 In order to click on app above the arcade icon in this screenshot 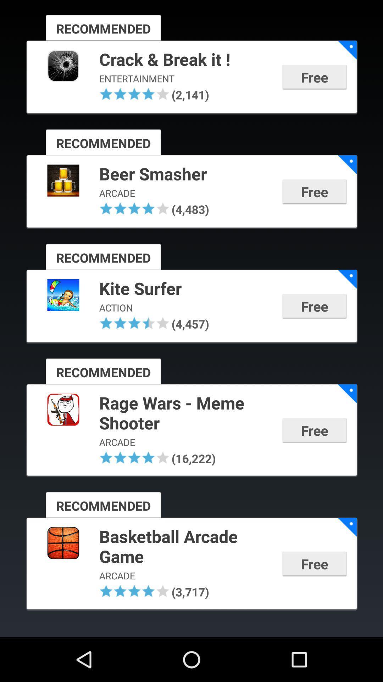, I will do `click(185, 547)`.